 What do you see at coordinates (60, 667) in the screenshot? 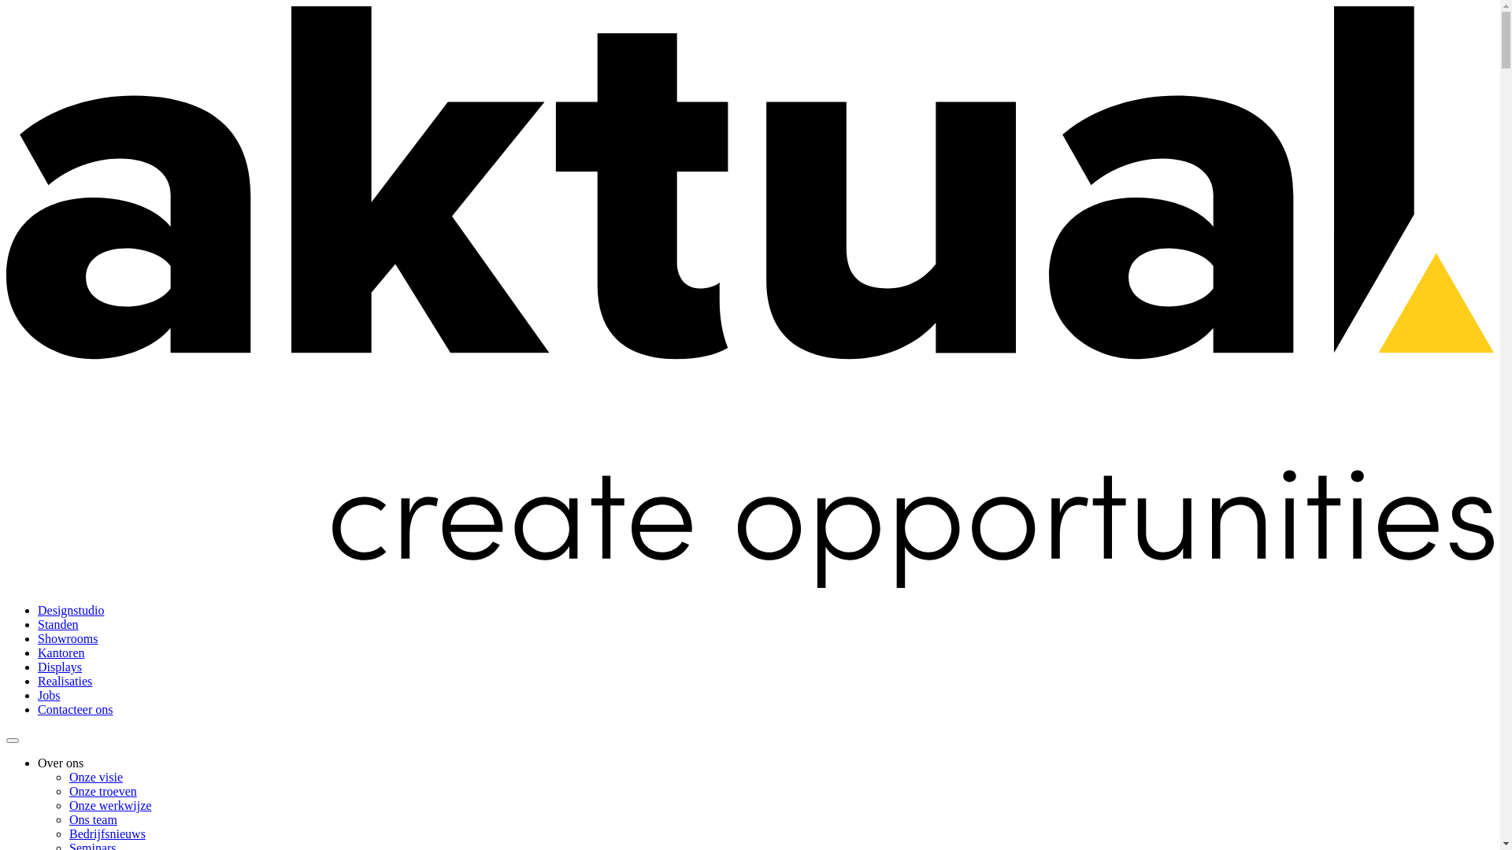
I see `'Displays'` at bounding box center [60, 667].